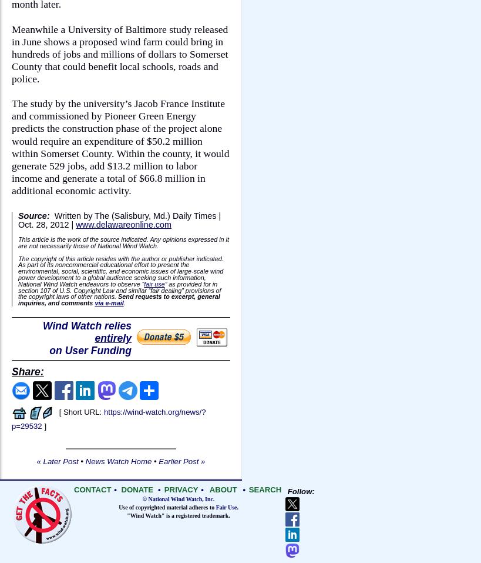  I want to click on 'on User Funding', so click(89, 350).